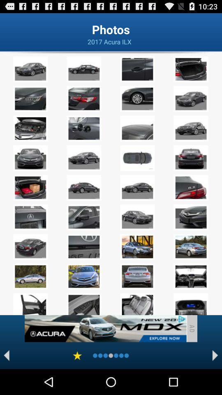 The width and height of the screenshot is (222, 395). I want to click on next the option, so click(215, 355).